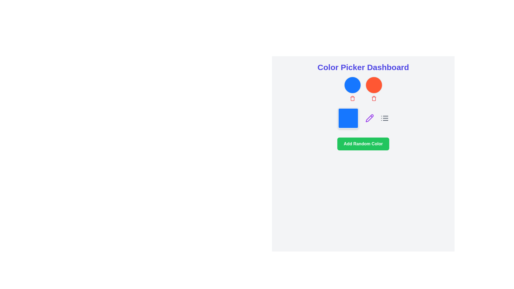 This screenshot has width=514, height=289. Describe the element at coordinates (373, 99) in the screenshot. I see `the main body of the trash bin icon, which represents the storage section of the bin` at that location.